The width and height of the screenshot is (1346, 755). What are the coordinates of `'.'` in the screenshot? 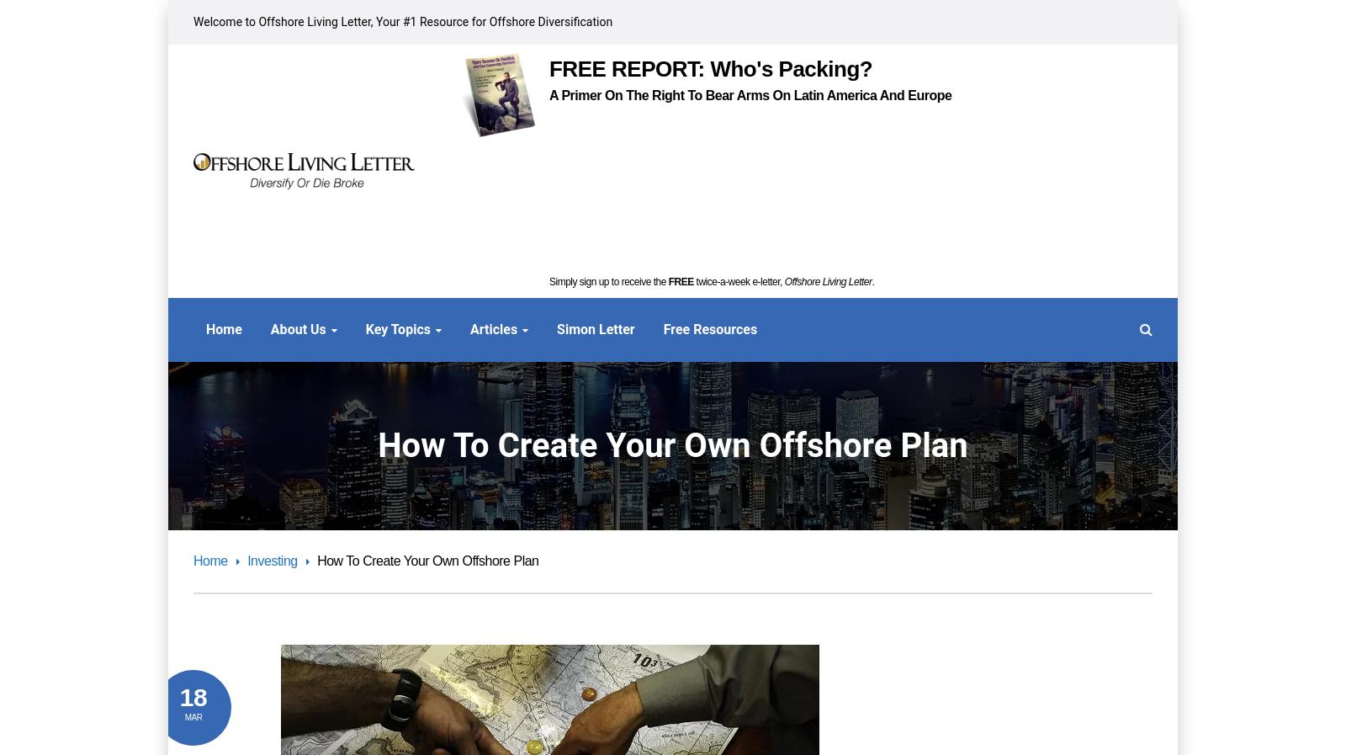 It's located at (872, 281).